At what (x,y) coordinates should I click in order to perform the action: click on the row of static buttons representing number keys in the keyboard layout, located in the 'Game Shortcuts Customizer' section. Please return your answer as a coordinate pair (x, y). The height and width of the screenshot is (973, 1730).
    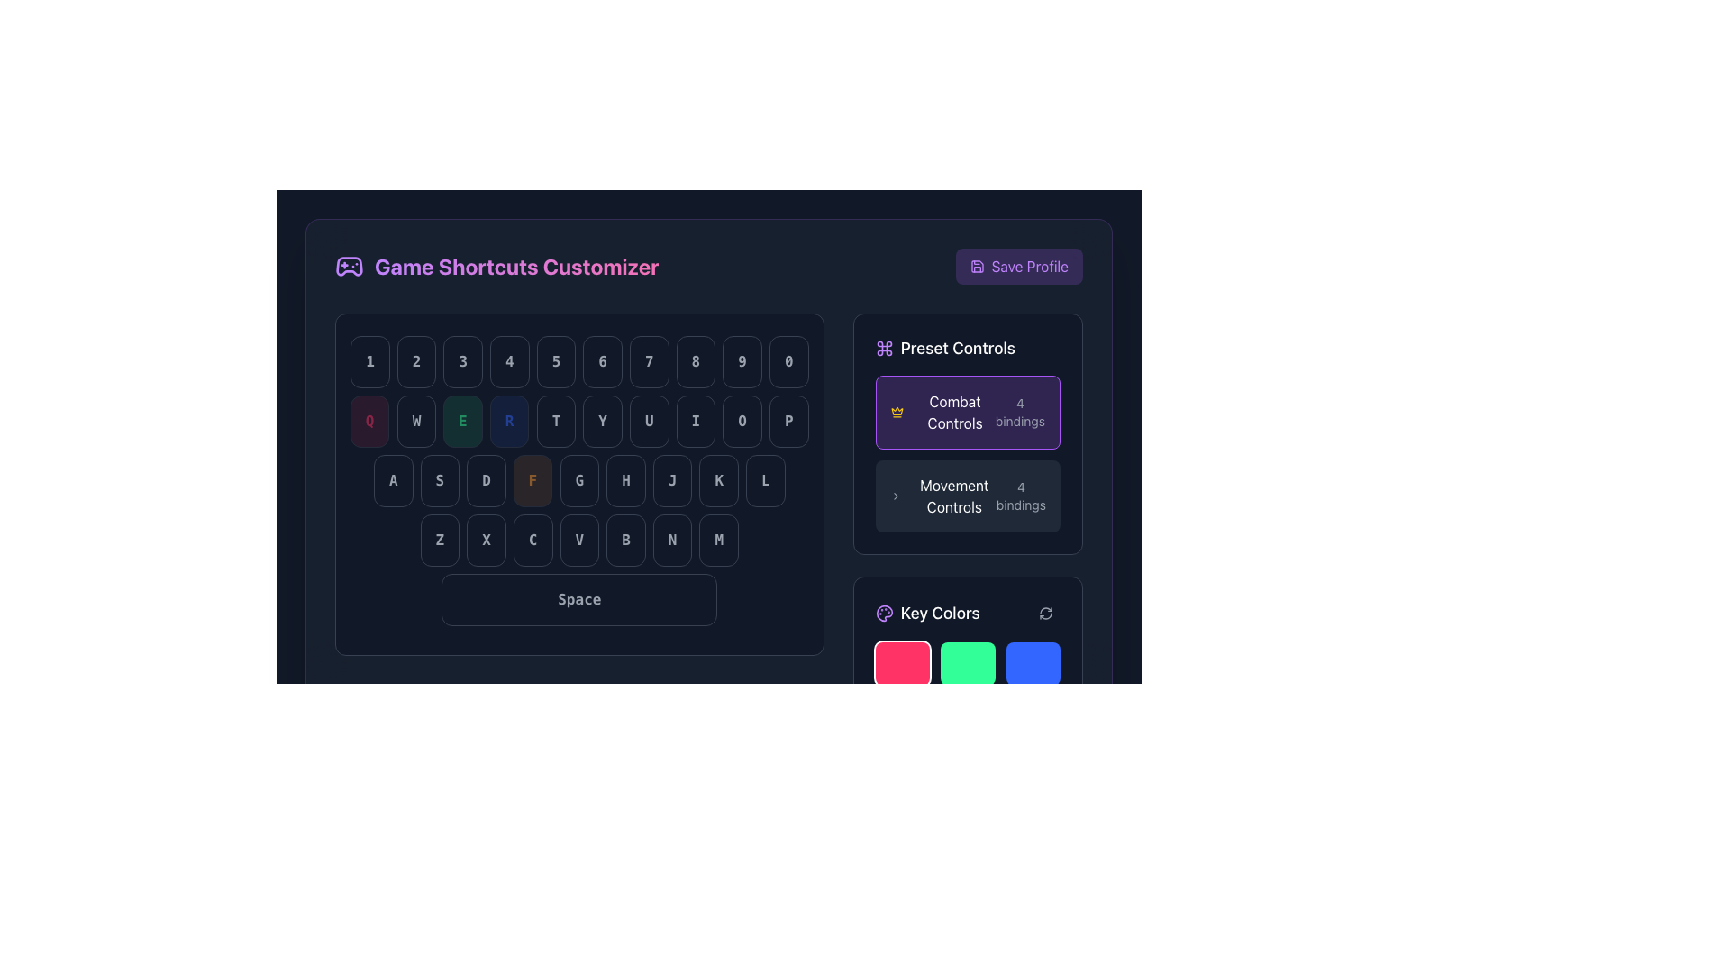
    Looking at the image, I should click on (579, 361).